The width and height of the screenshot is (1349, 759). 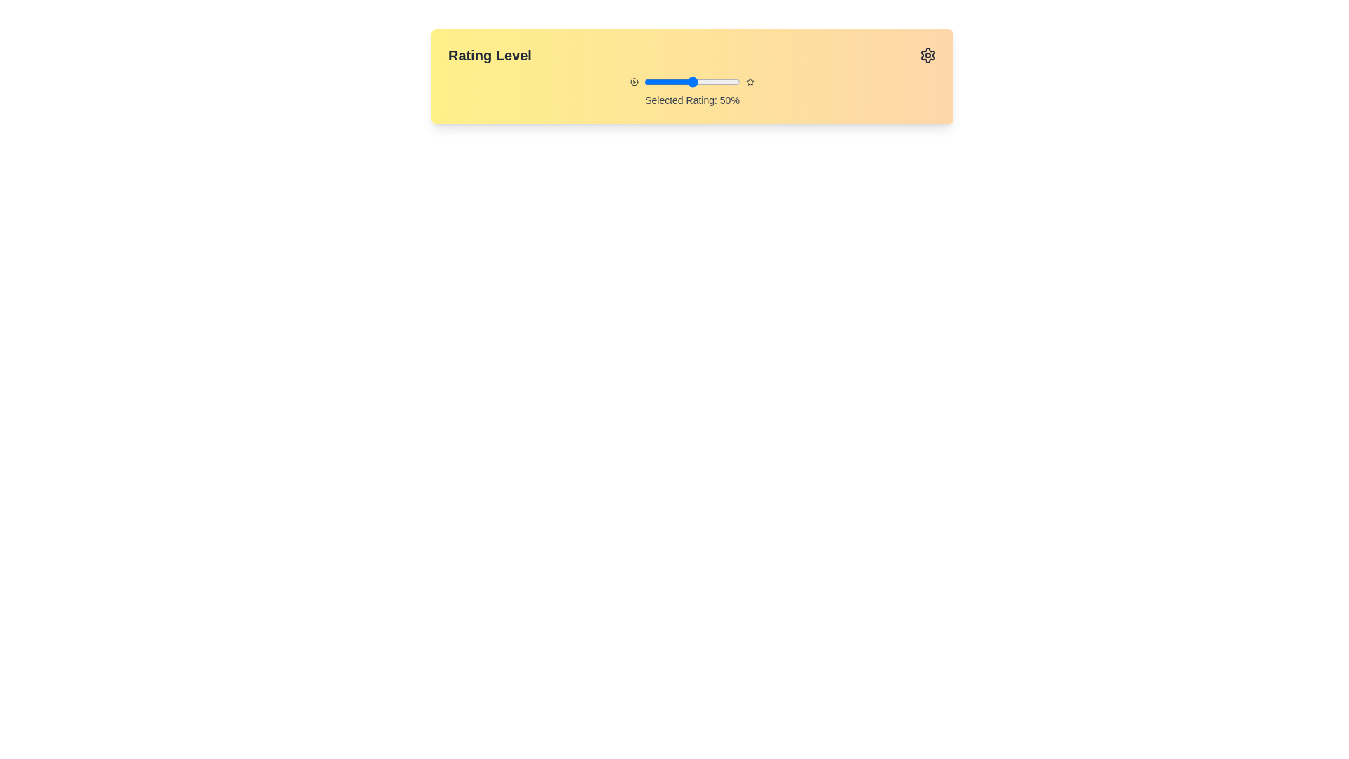 What do you see at coordinates (927, 54) in the screenshot?
I see `the gear icon in the top-right corner of the interface` at bounding box center [927, 54].